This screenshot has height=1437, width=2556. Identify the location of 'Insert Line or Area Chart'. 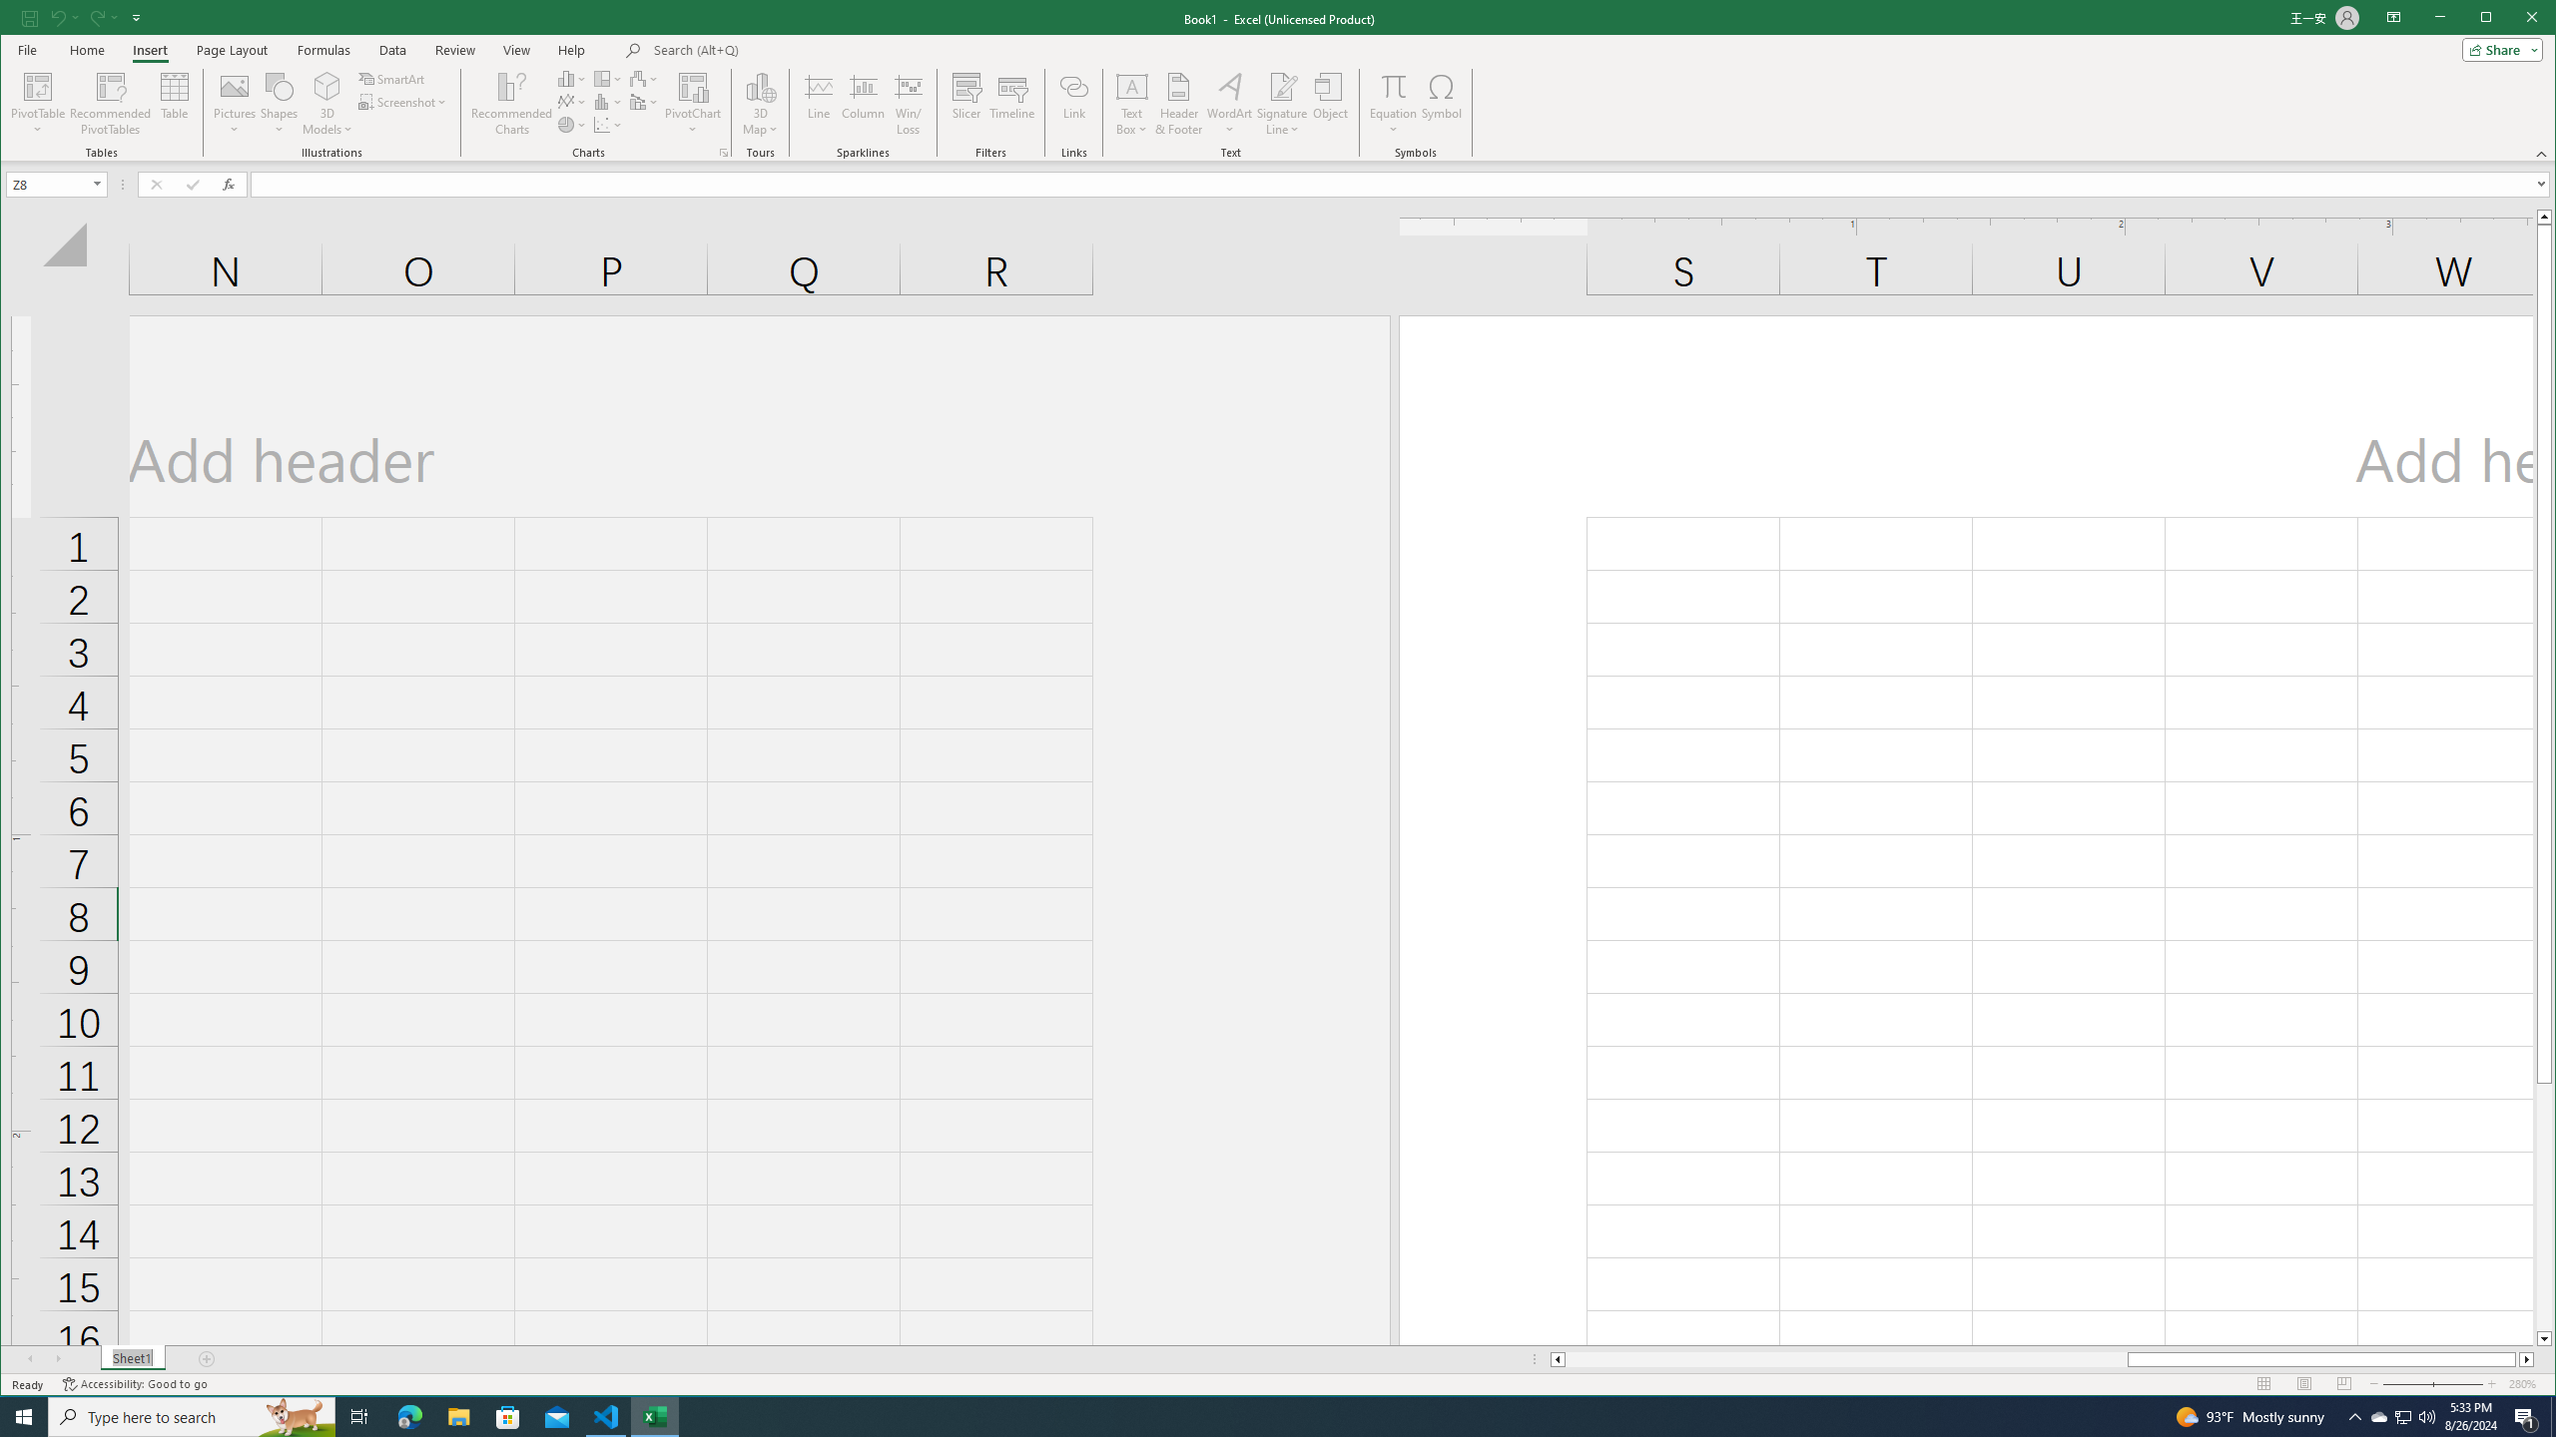
(571, 102).